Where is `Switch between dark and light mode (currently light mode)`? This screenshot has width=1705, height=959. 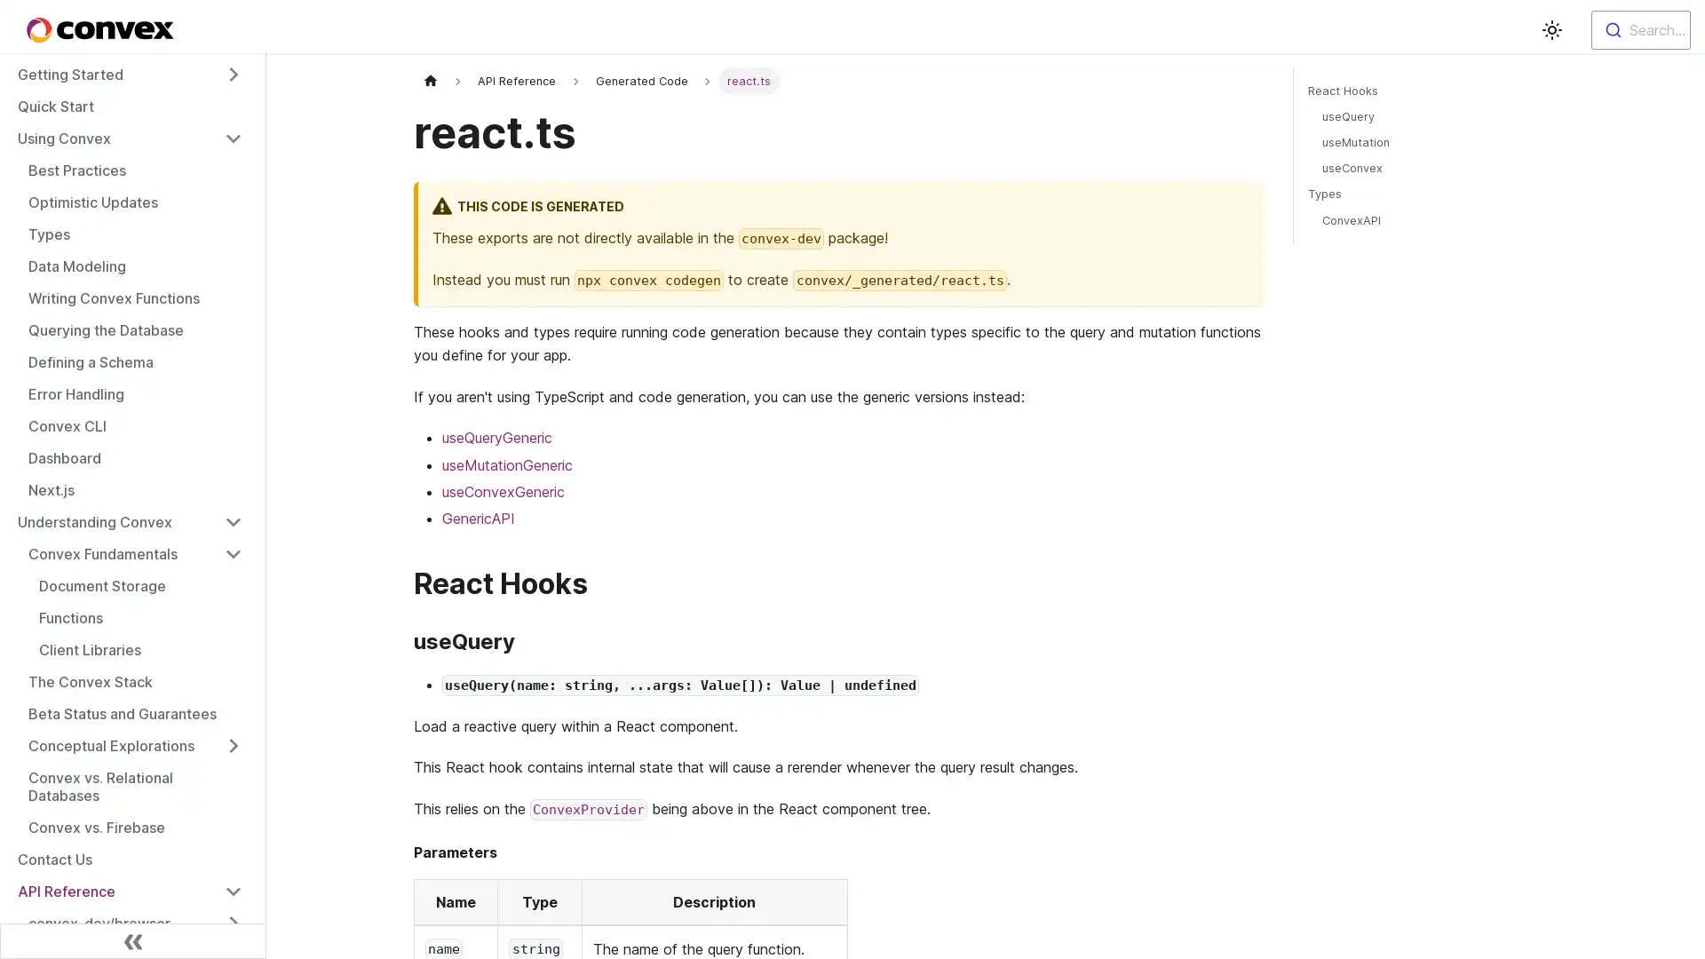 Switch between dark and light mode (currently light mode) is located at coordinates (1550, 30).